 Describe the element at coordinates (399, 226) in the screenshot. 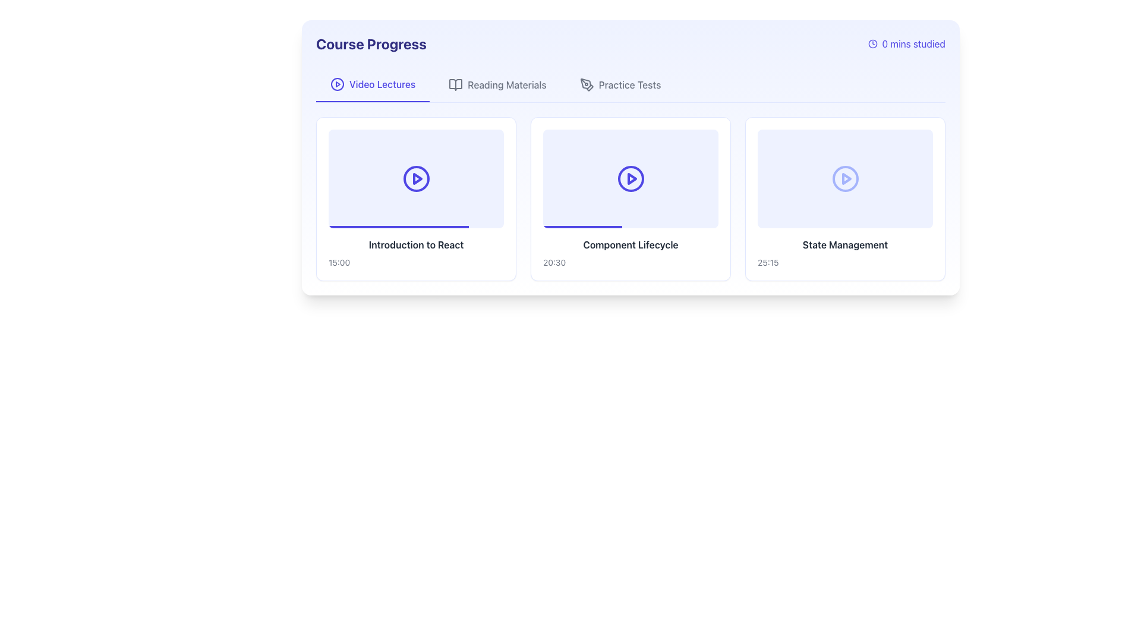

I see `the progress indicator bar located at the bottom of the 'Introduction to React' video thumbnail card` at that location.